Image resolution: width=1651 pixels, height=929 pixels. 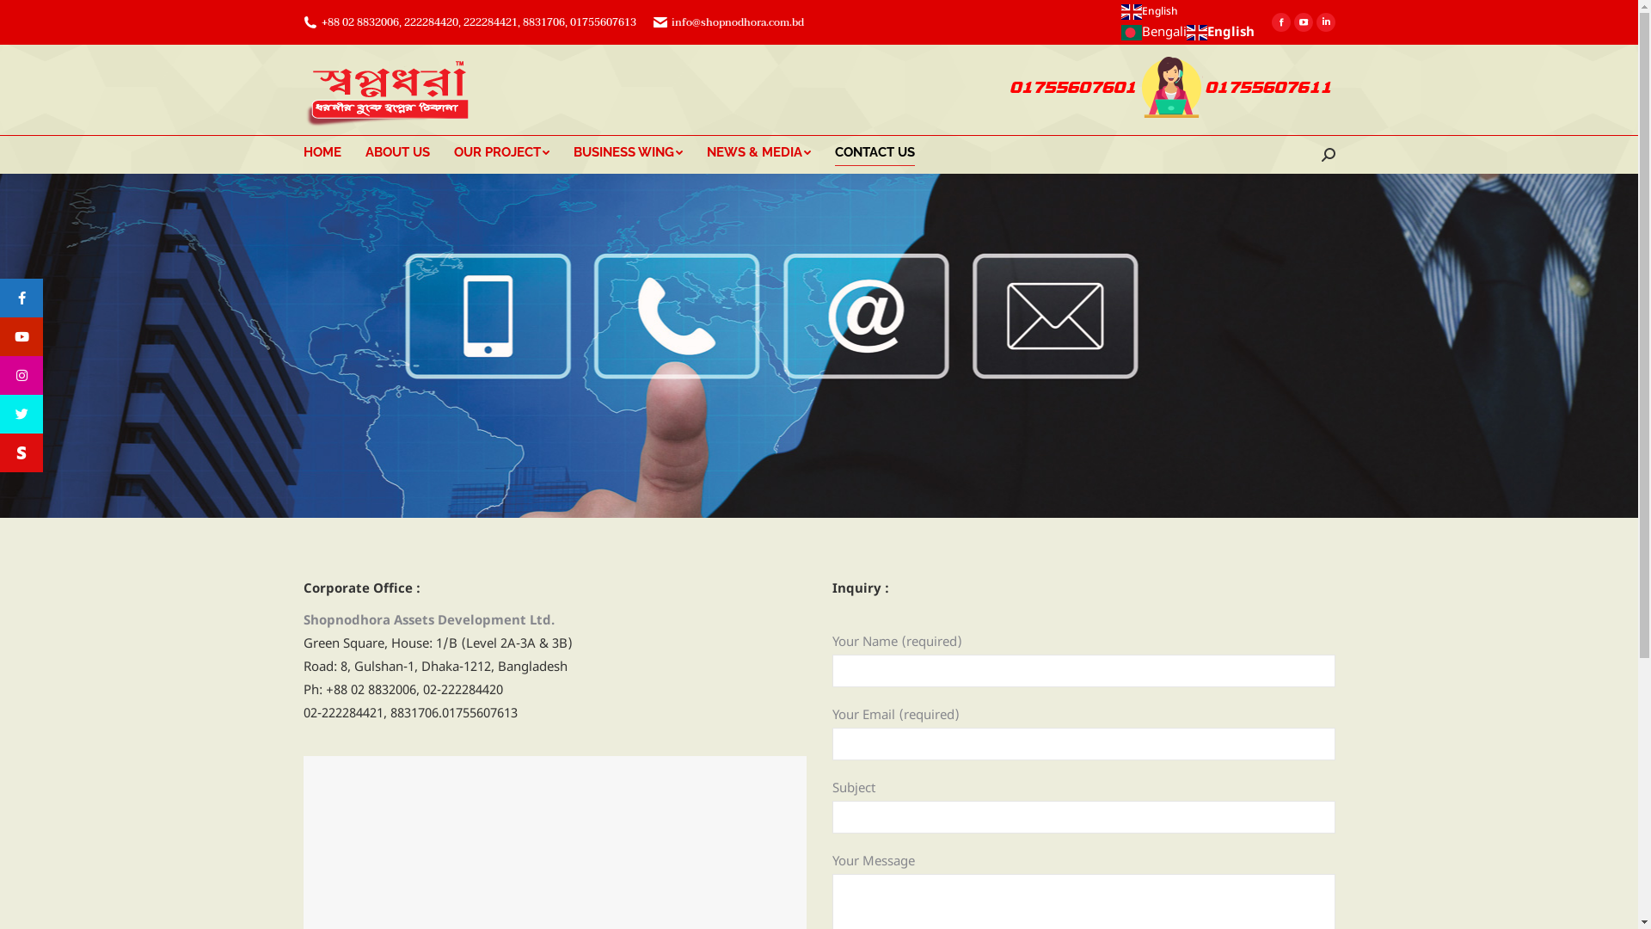 I want to click on 'BUSINESS WING', so click(x=573, y=151).